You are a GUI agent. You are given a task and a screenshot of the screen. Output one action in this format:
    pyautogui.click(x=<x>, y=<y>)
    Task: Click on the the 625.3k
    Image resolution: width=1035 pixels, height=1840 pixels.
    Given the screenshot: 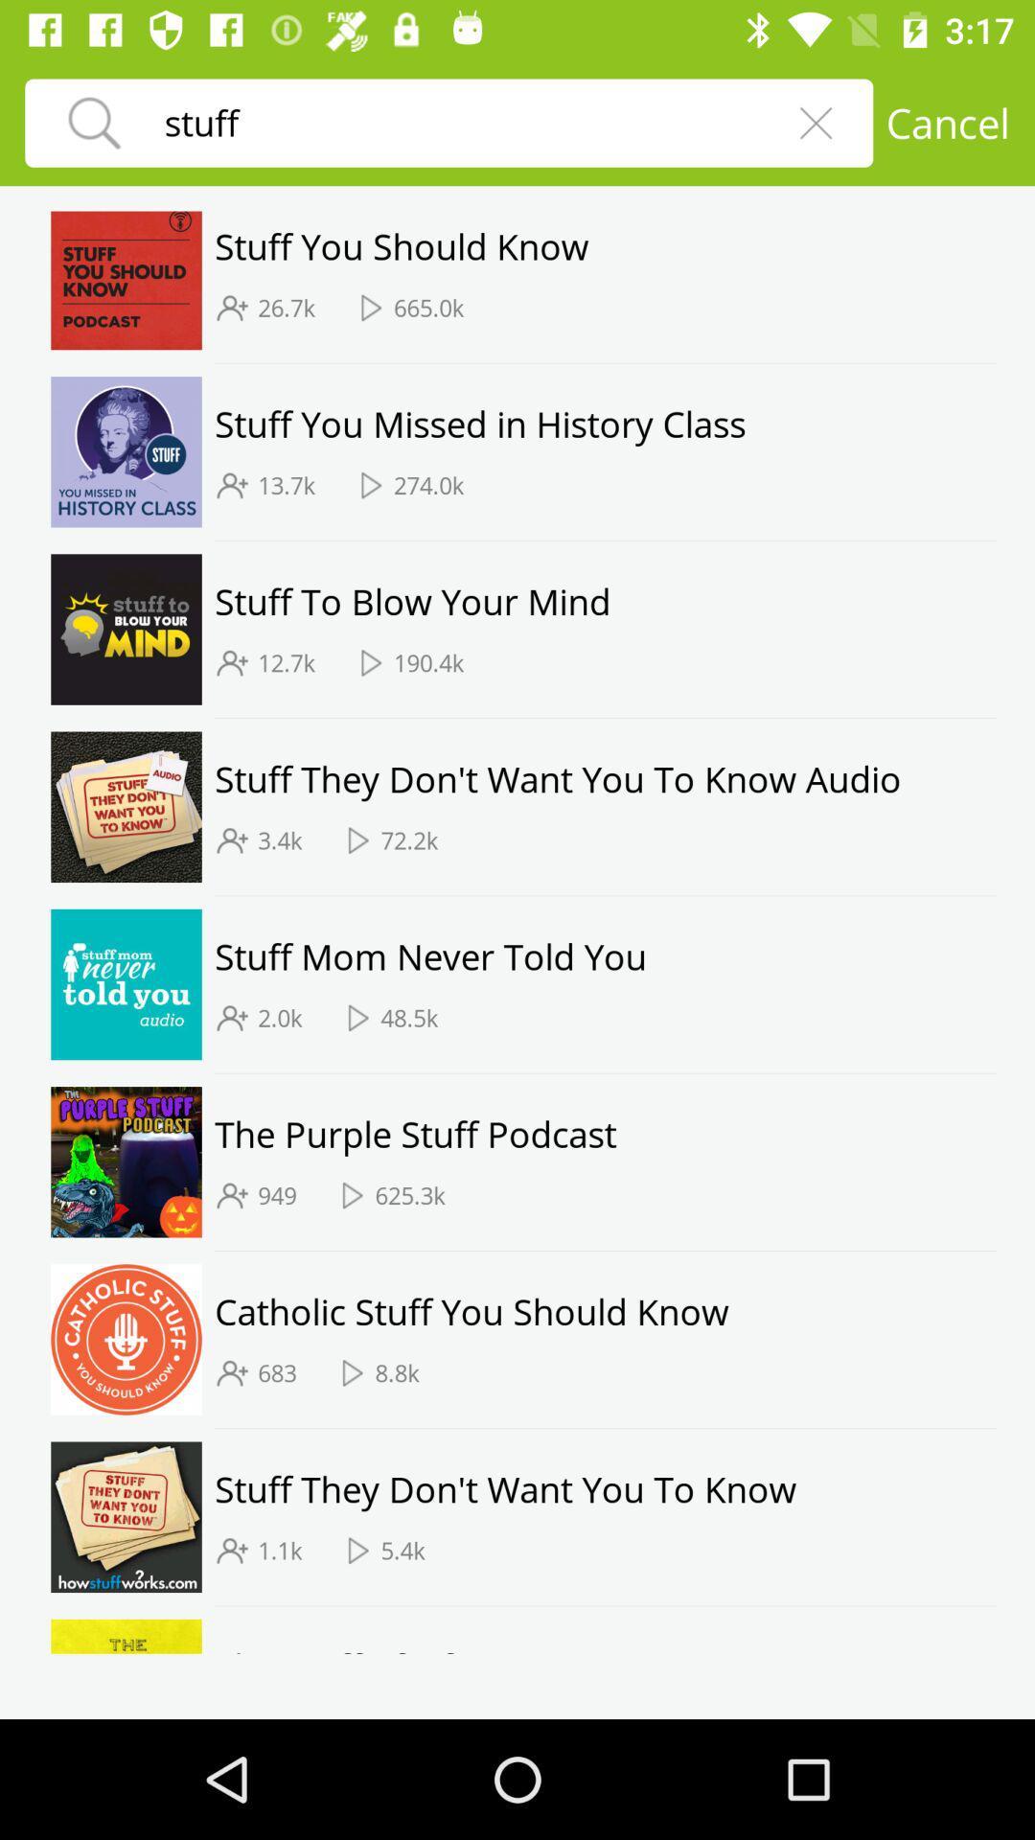 What is the action you would take?
    pyautogui.click(x=409, y=1194)
    